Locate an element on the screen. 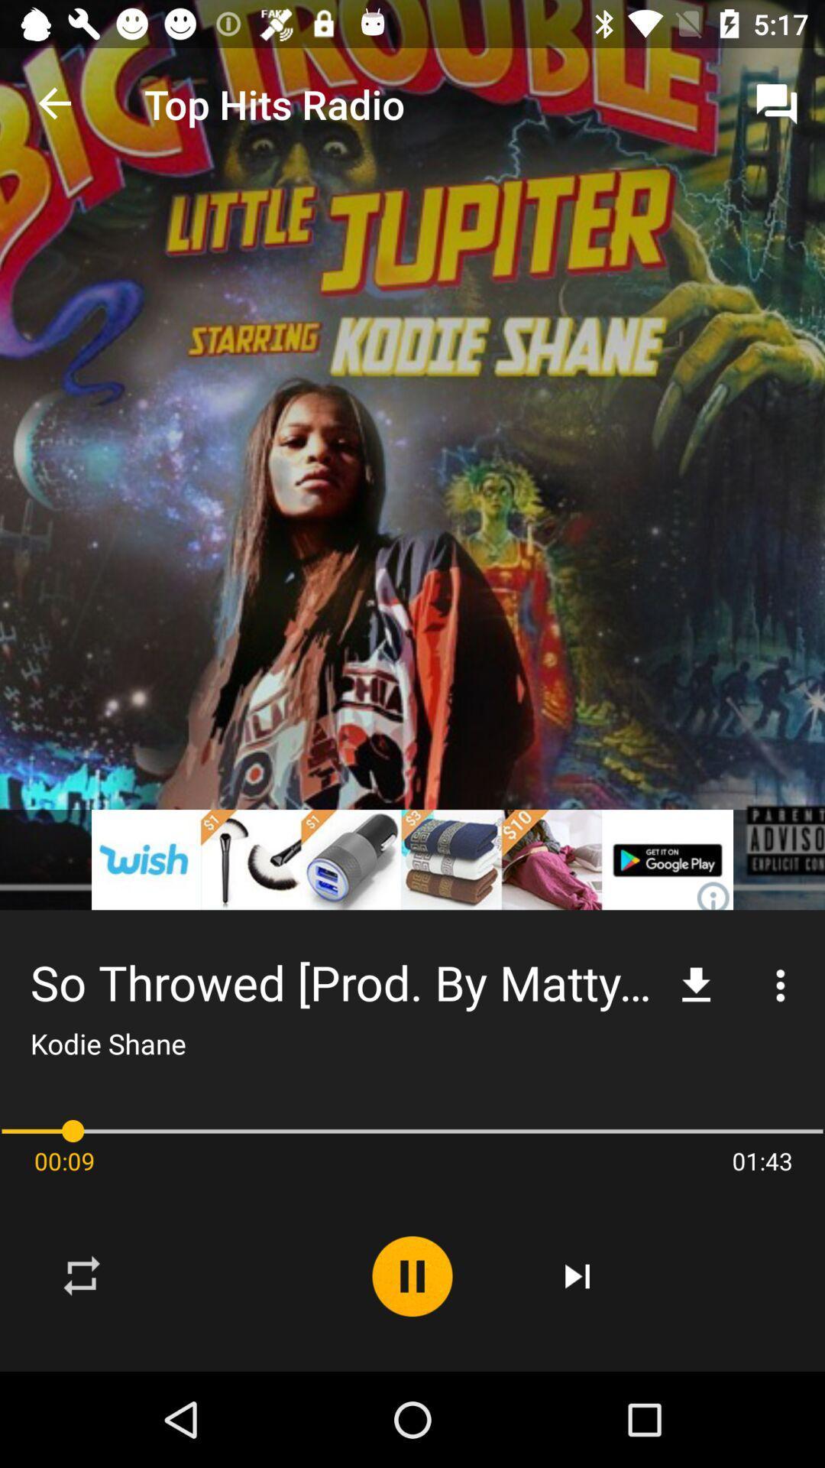 The height and width of the screenshot is (1468, 825). the item below the so throwed prod icon is located at coordinates (412, 1276).